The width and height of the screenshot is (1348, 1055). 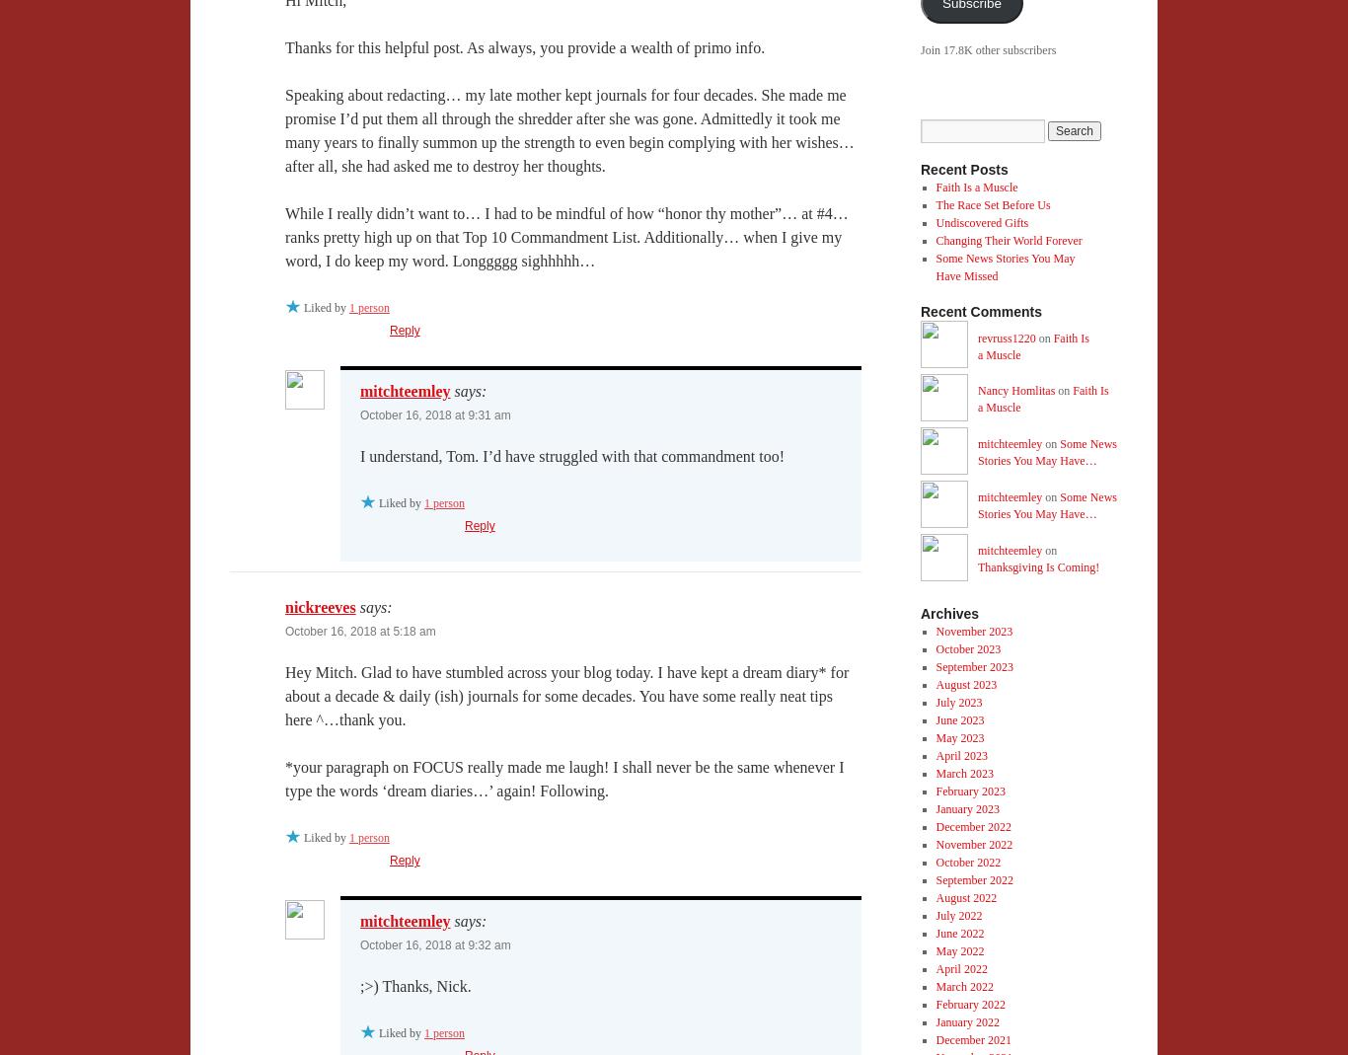 What do you see at coordinates (1006, 337) in the screenshot?
I see `'revruss1220'` at bounding box center [1006, 337].